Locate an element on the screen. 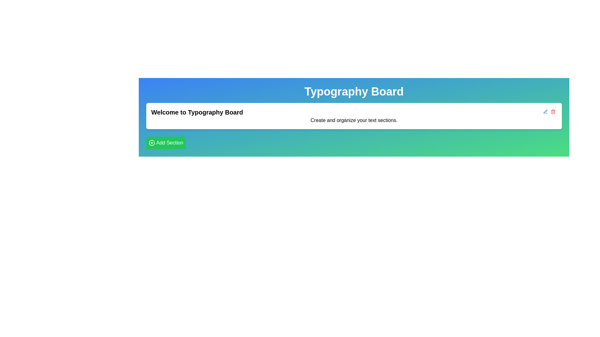 Image resolution: width=600 pixels, height=337 pixels. text element that contains 'Create and organize your text sections.' located below the header 'Welcome to Typography Board' is located at coordinates (354, 120).